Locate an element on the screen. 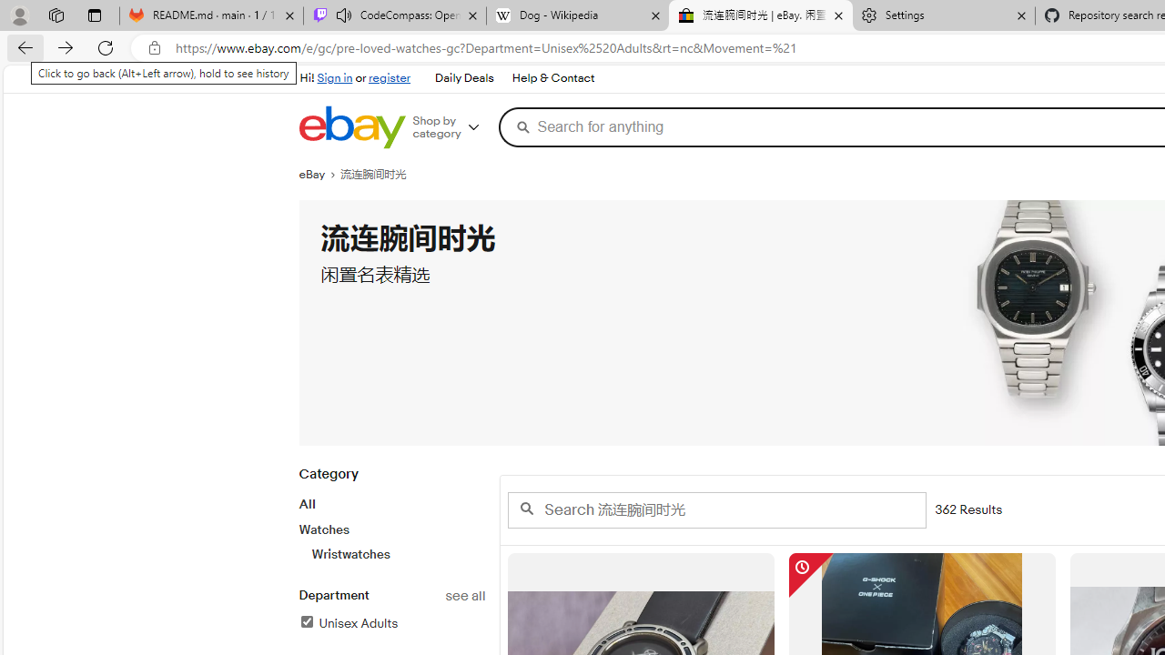 The width and height of the screenshot is (1165, 655). 'Shop by category' is located at coordinates (452, 126).